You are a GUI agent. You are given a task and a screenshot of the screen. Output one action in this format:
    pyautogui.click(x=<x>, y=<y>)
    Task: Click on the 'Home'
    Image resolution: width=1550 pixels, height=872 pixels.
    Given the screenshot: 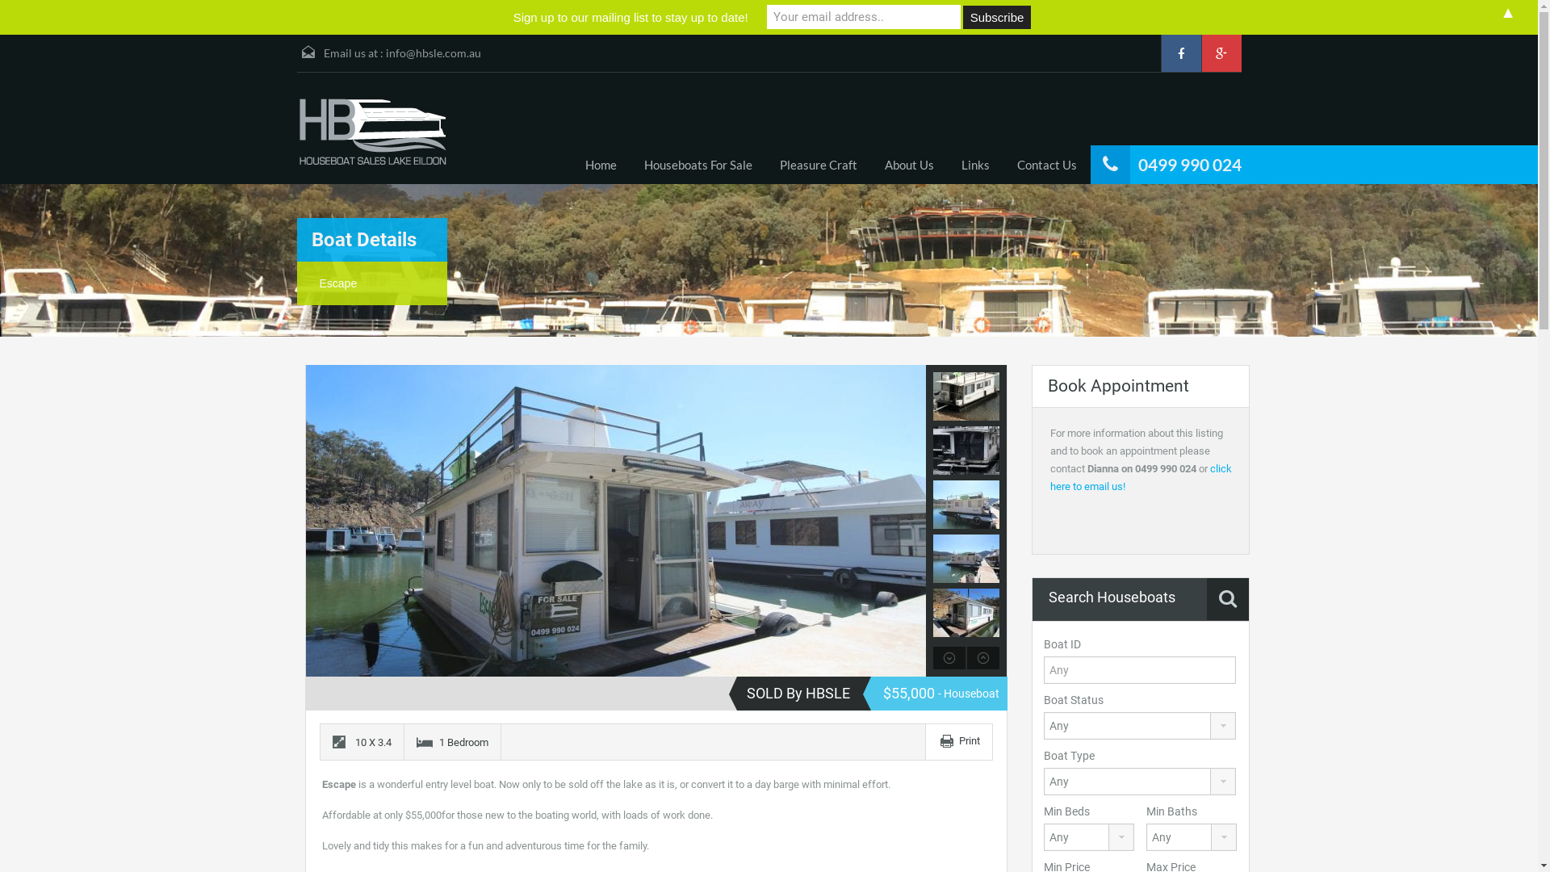 What is the action you would take?
    pyautogui.click(x=600, y=165)
    